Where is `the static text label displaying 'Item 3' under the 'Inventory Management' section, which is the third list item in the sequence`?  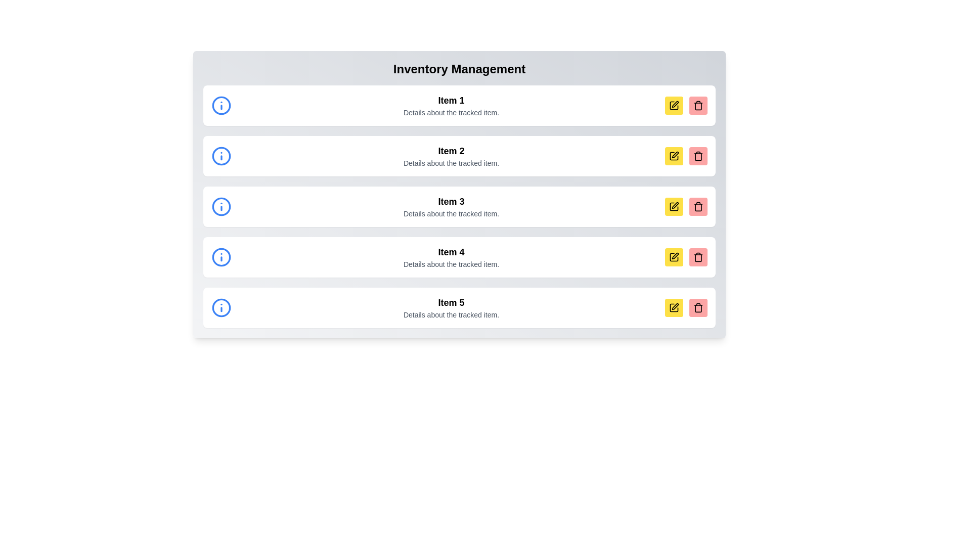 the static text label displaying 'Item 3' under the 'Inventory Management' section, which is the third list item in the sequence is located at coordinates (451, 201).